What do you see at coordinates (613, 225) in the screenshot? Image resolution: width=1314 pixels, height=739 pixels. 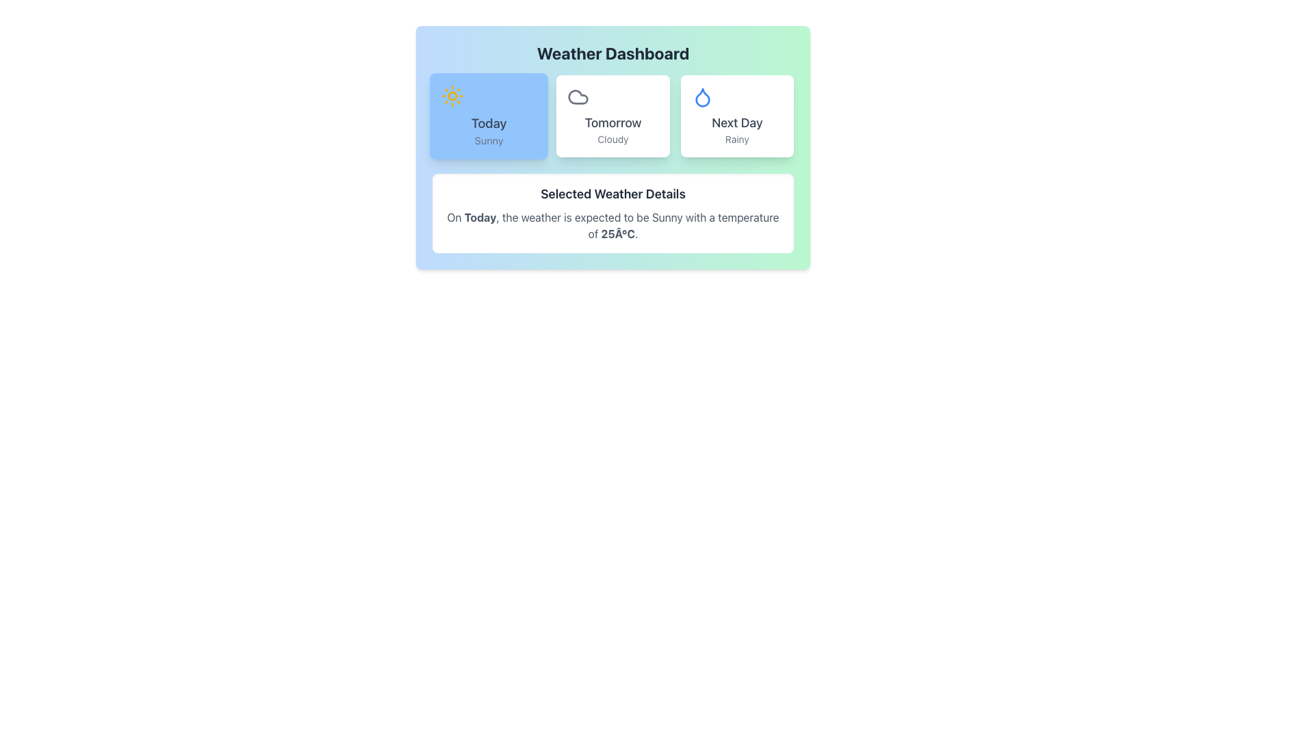 I see `the text block displaying the weather details, which includes the content 'On Today, the weather is expected to be Sunny with a temperature of 25°C.'` at bounding box center [613, 225].